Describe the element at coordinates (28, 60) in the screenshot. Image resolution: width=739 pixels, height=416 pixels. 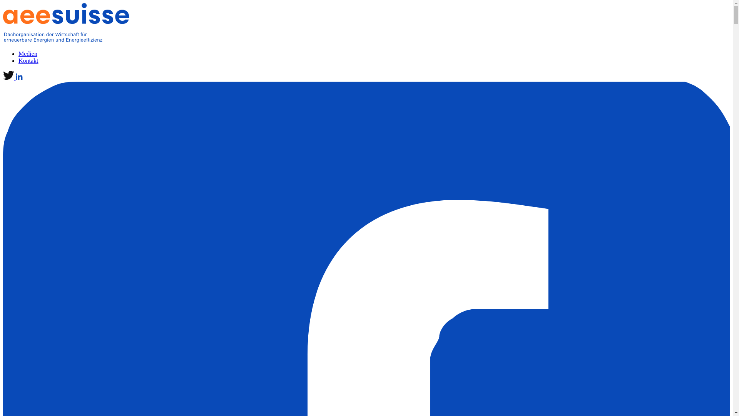
I see `'Kontakt'` at that location.